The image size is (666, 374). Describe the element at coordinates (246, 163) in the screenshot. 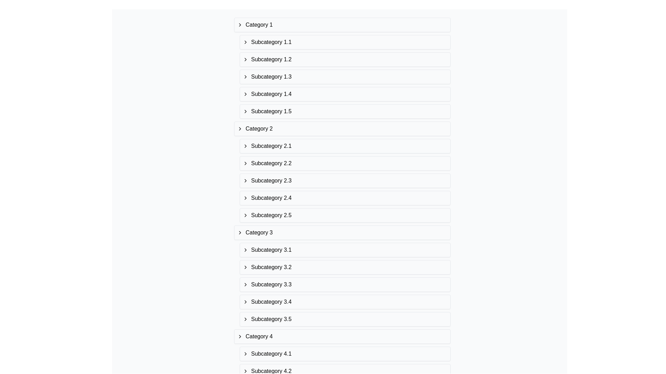

I see `the right-facing chevron icon with a black outline located next to the text 'Subcategory 2.2'` at that location.